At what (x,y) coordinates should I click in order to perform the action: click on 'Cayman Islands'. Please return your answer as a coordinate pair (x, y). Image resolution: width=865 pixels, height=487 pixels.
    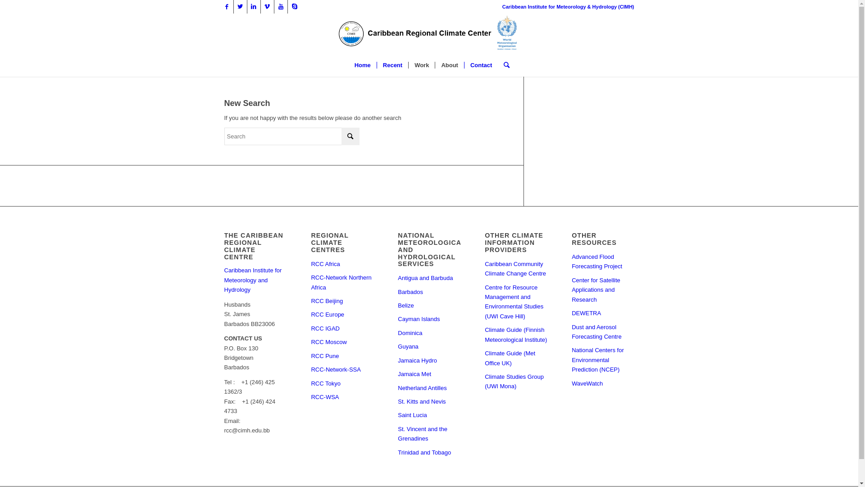
    Looking at the image, I should click on (428, 319).